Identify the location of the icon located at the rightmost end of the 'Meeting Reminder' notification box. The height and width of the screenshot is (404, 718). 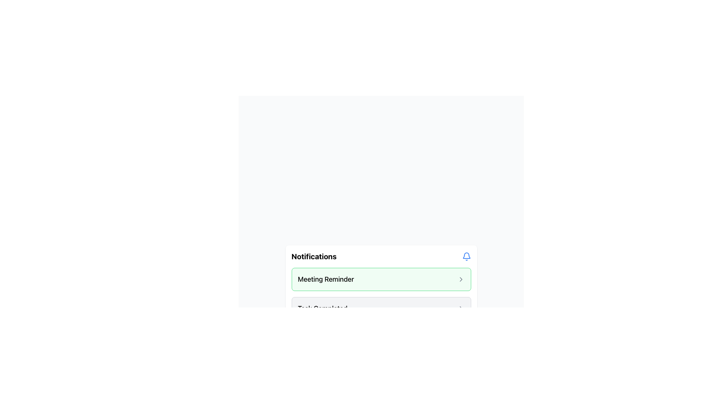
(460, 279).